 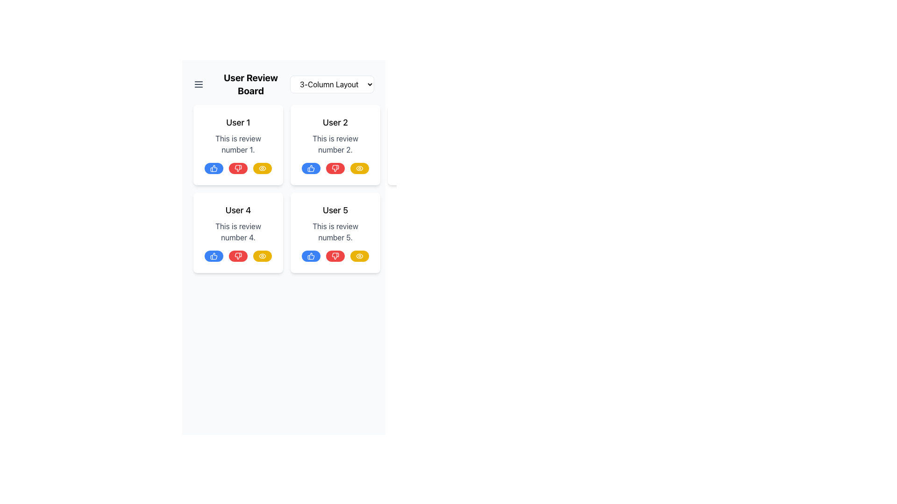 I want to click on the static text label displaying the review comment for 'User 4', located beneath the 'User 4' title and above the interaction buttons, so click(x=238, y=231).